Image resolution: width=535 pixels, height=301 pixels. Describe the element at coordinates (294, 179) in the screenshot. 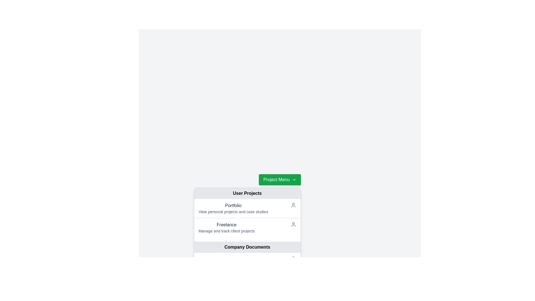

I see `the downward-pointing chevron icon with a green background, part of the 'Project Menu' navigation element, to trigger possible tooltips` at that location.